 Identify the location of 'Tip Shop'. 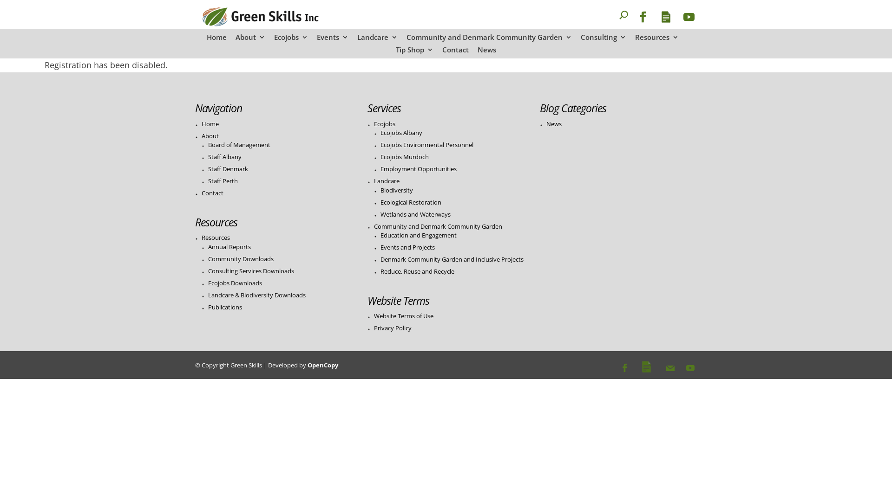
(395, 52).